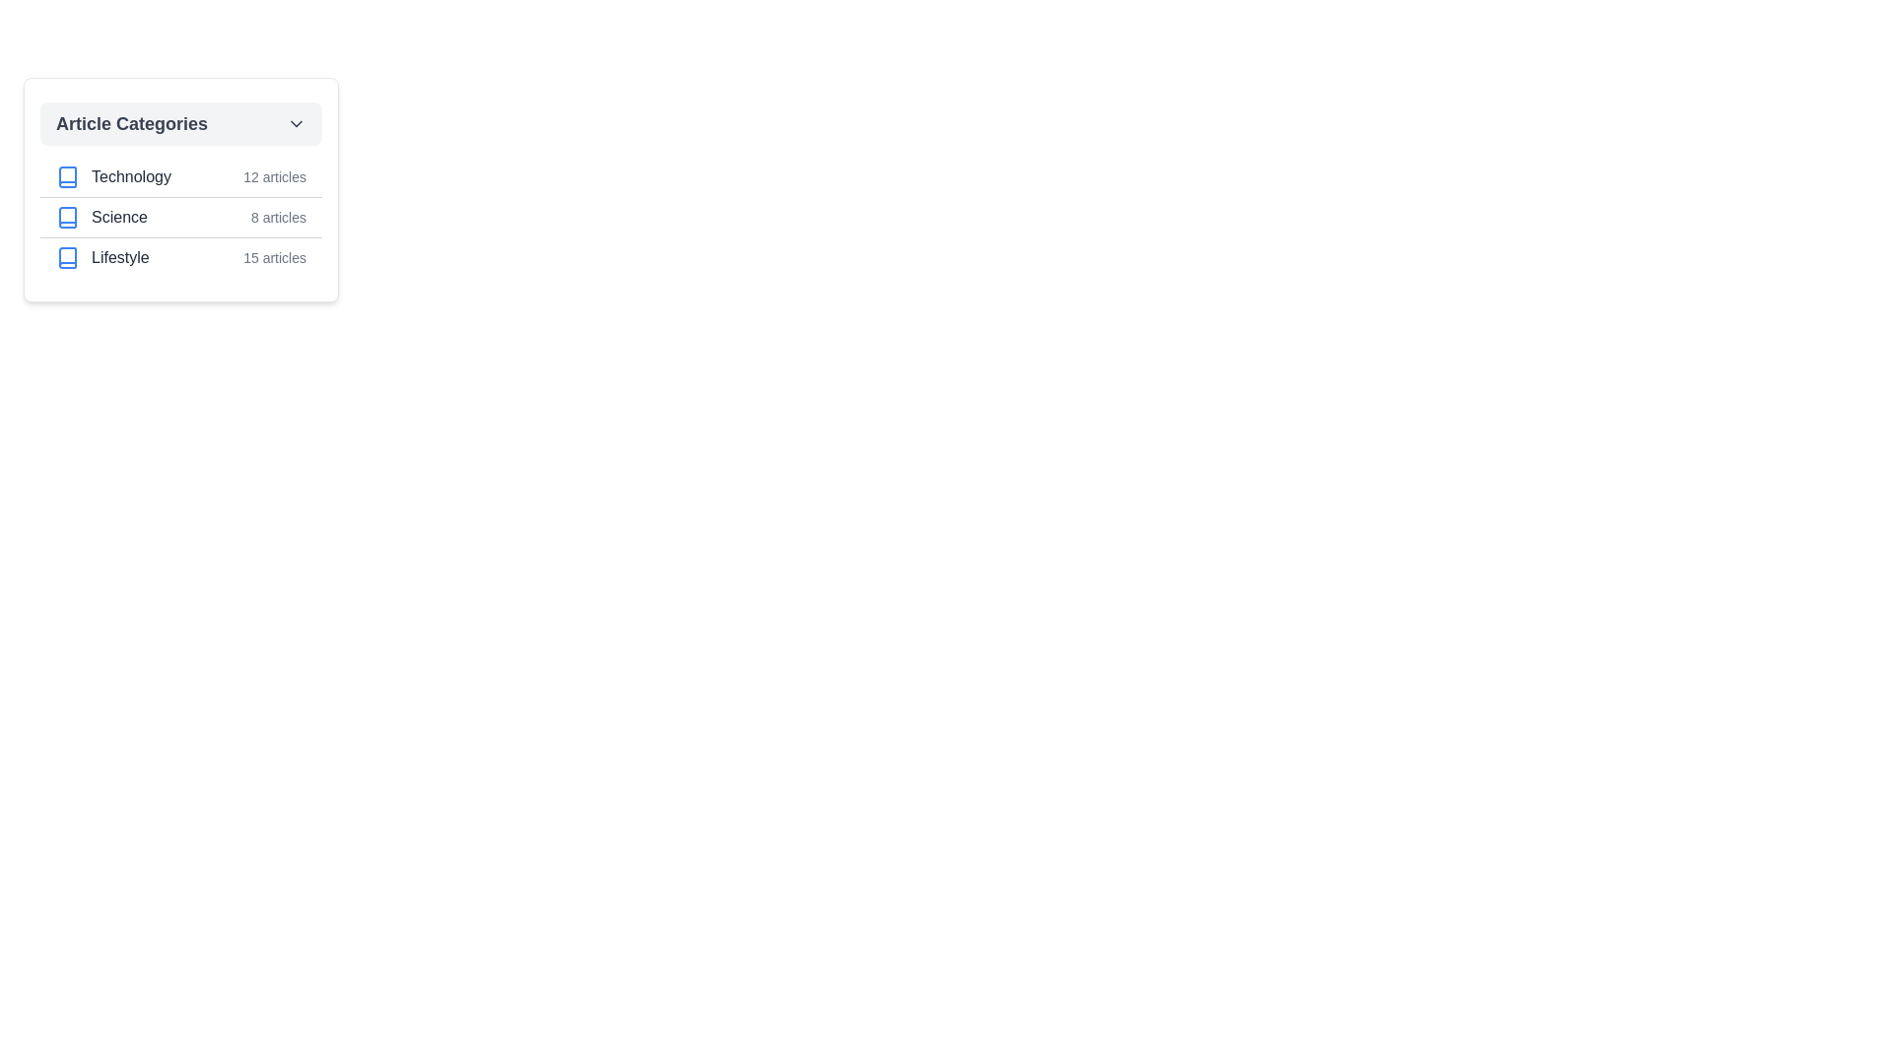  What do you see at coordinates (278, 217) in the screenshot?
I see `the static text that displays the number of articles in the 'Science' category, located in the second row under 'Article Categories'` at bounding box center [278, 217].